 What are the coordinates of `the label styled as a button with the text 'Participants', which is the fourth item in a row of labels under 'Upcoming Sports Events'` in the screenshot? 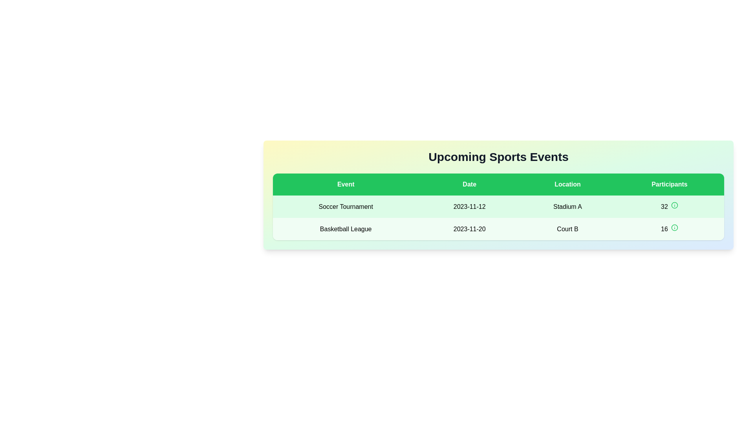 It's located at (669, 185).